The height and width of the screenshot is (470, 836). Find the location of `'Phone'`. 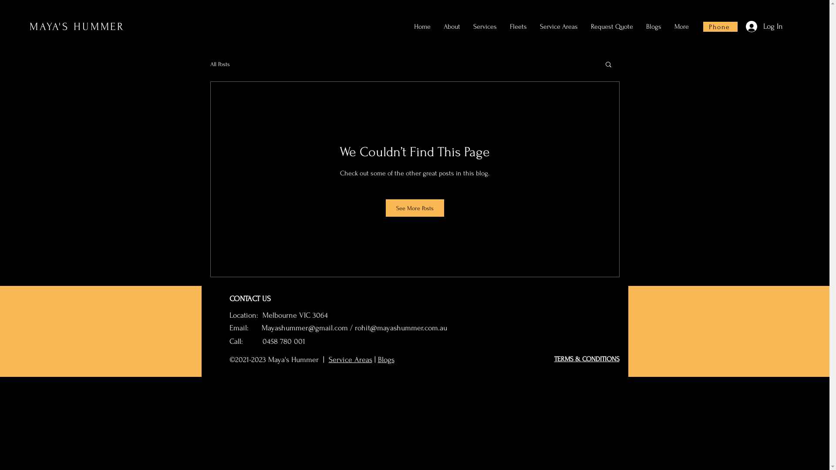

'Phone' is located at coordinates (720, 26).